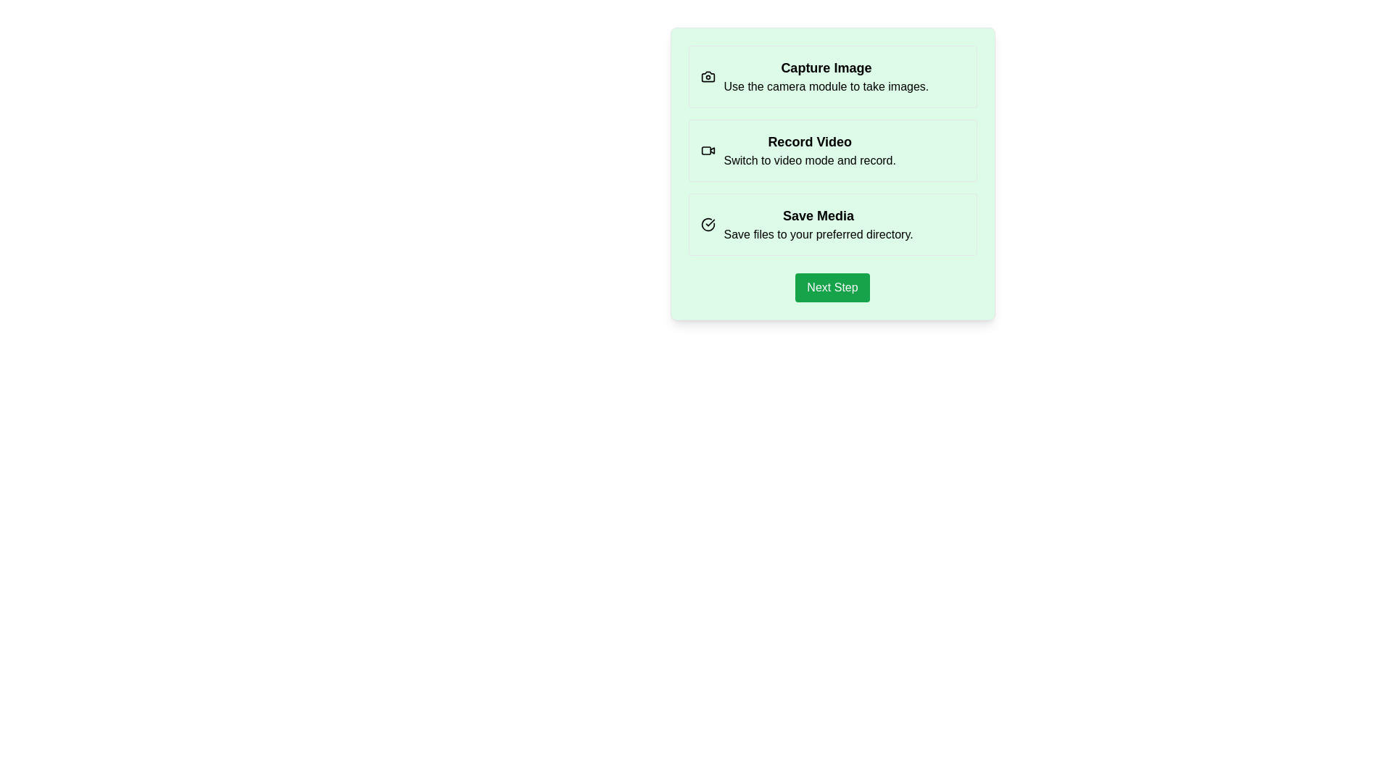 The image size is (1392, 783). What do you see at coordinates (706, 151) in the screenshot?
I see `the decorative rectangular part of the video camera icon, which is centrally aligned within the larger video recorder icon` at bounding box center [706, 151].